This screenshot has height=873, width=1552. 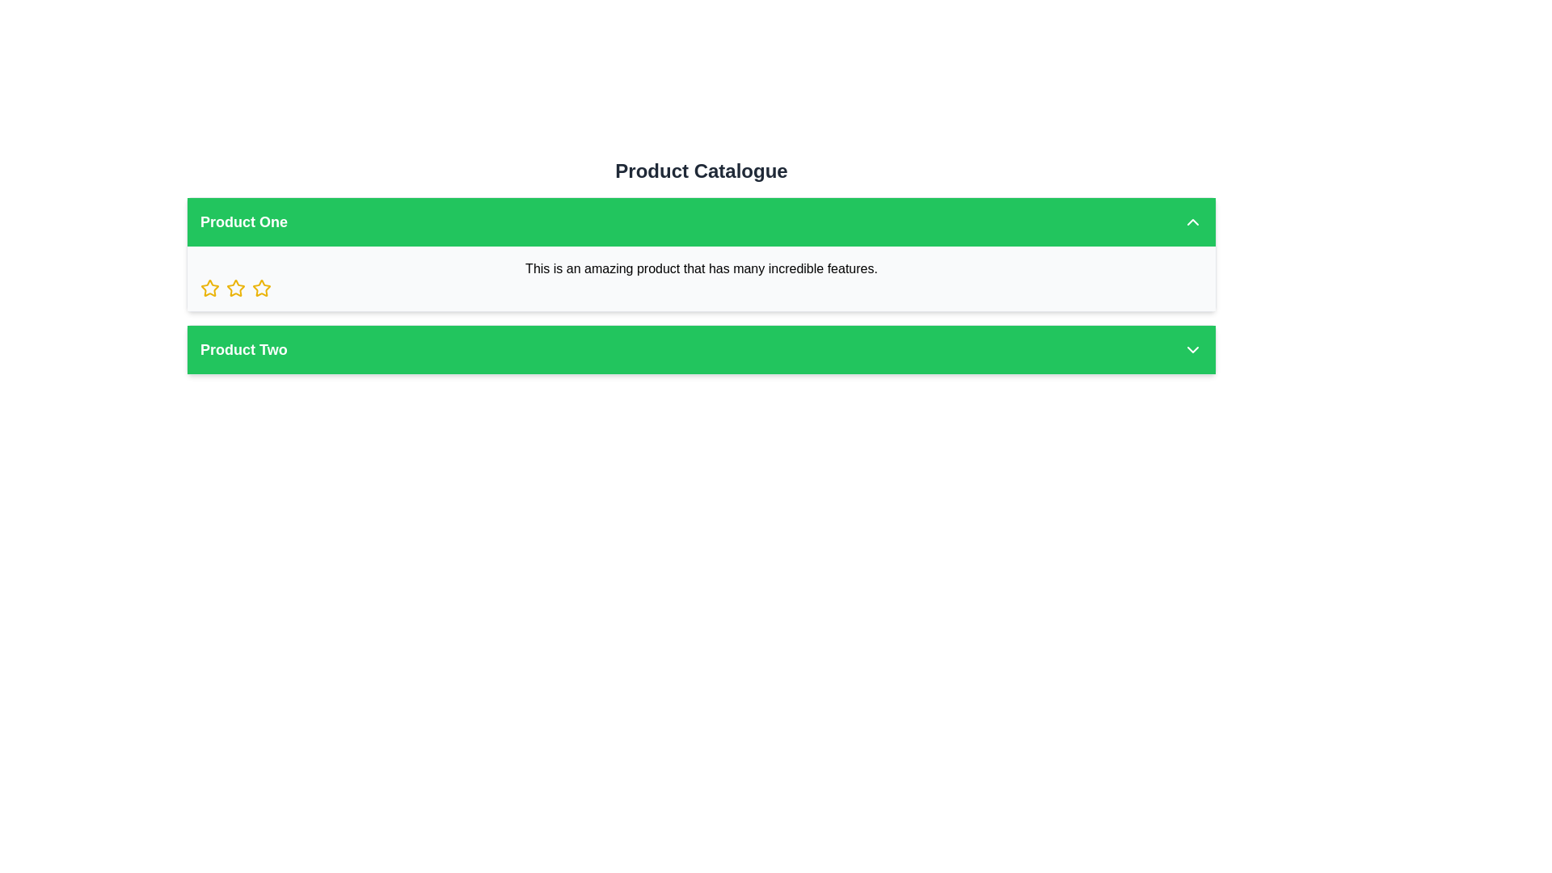 I want to click on the arrow button located at the right end of the green bar labeled 'Product One', so click(x=1193, y=221).